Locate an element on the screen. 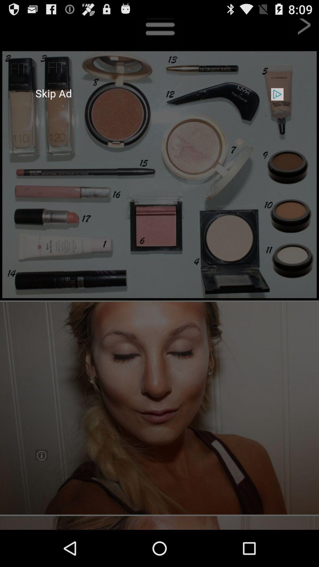 This screenshot has width=319, height=567. advertisement is located at coordinates (159, 274).